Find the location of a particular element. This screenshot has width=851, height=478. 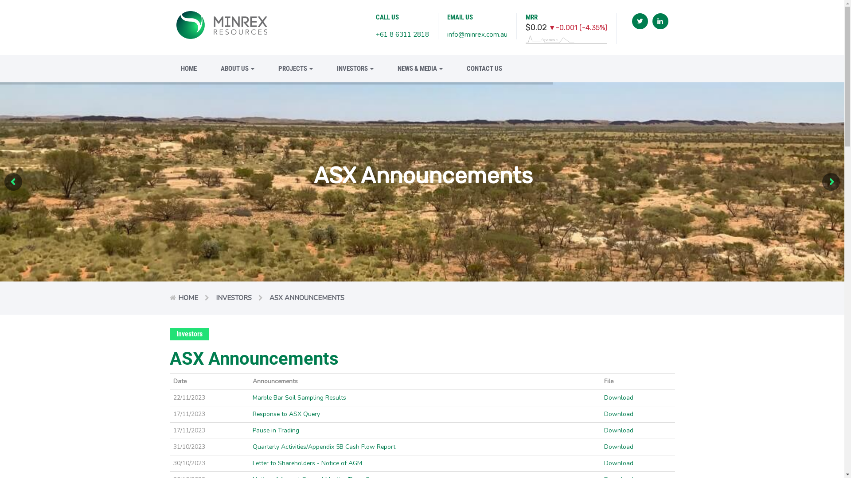

'INVESTORS' is located at coordinates (355, 68).